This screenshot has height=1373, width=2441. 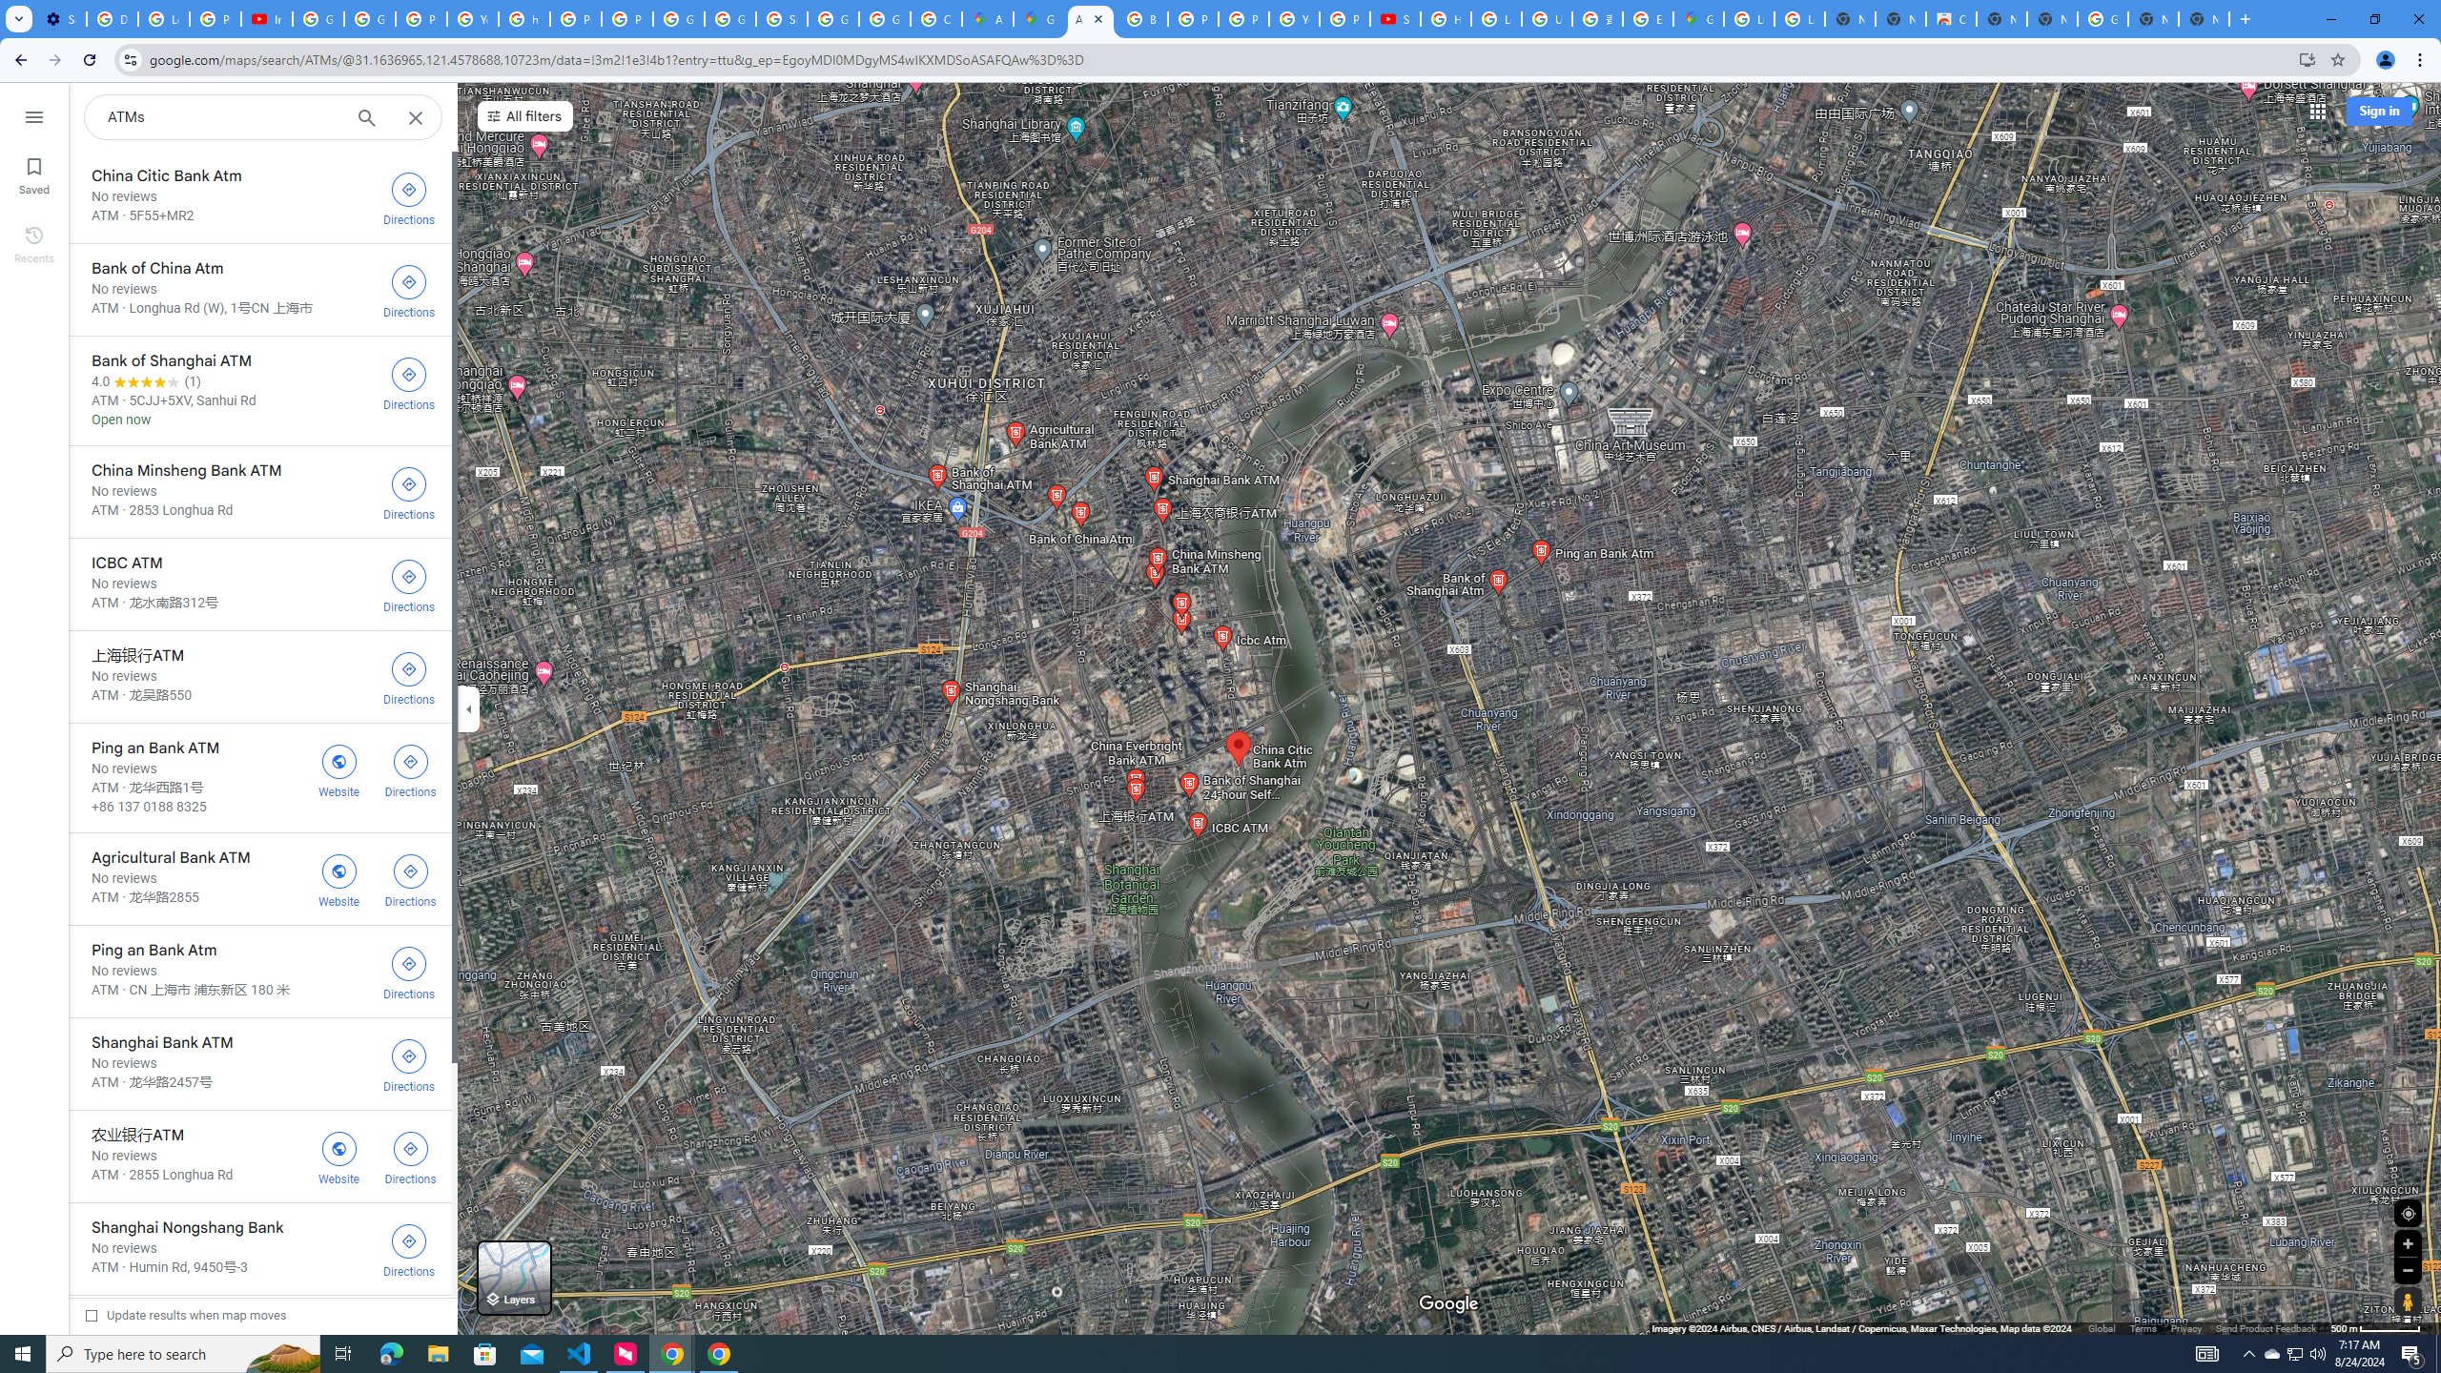 What do you see at coordinates (259, 1063) in the screenshot?
I see `'Shanghai Bank ATM'` at bounding box center [259, 1063].